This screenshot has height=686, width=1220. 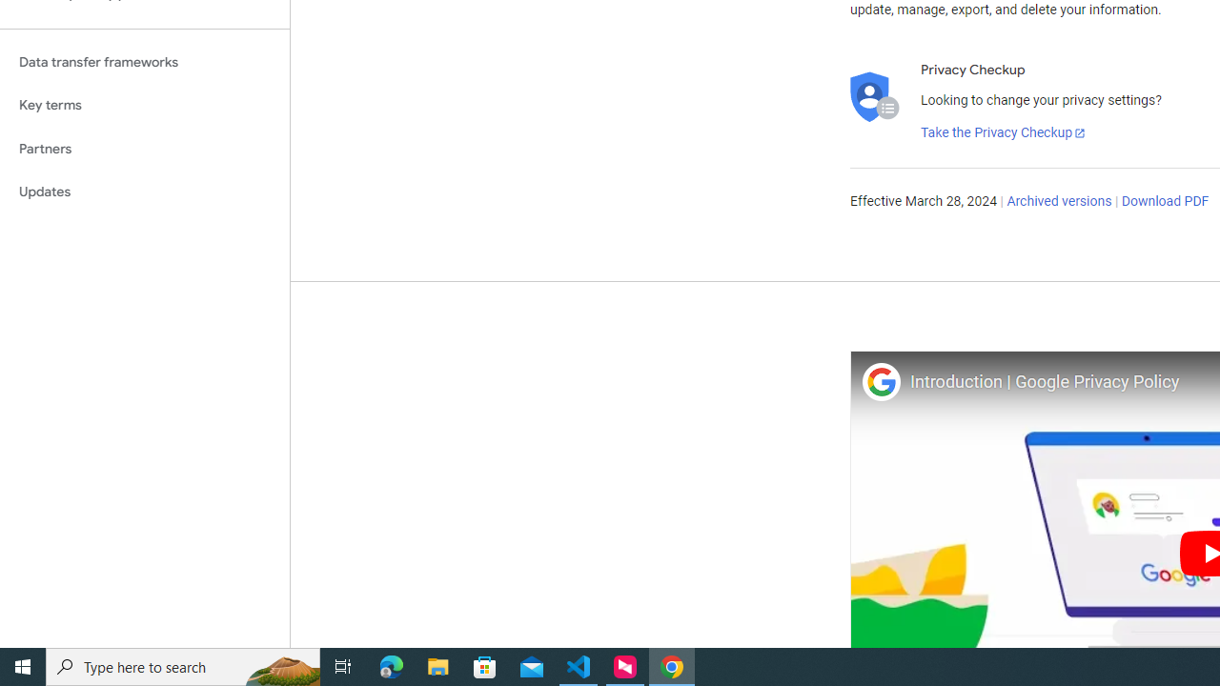 What do you see at coordinates (144, 61) in the screenshot?
I see `'Data transfer frameworks'` at bounding box center [144, 61].